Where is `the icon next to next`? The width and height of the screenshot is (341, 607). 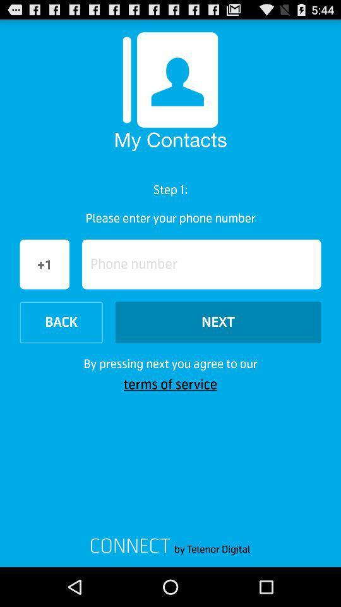 the icon next to next is located at coordinates (61, 322).